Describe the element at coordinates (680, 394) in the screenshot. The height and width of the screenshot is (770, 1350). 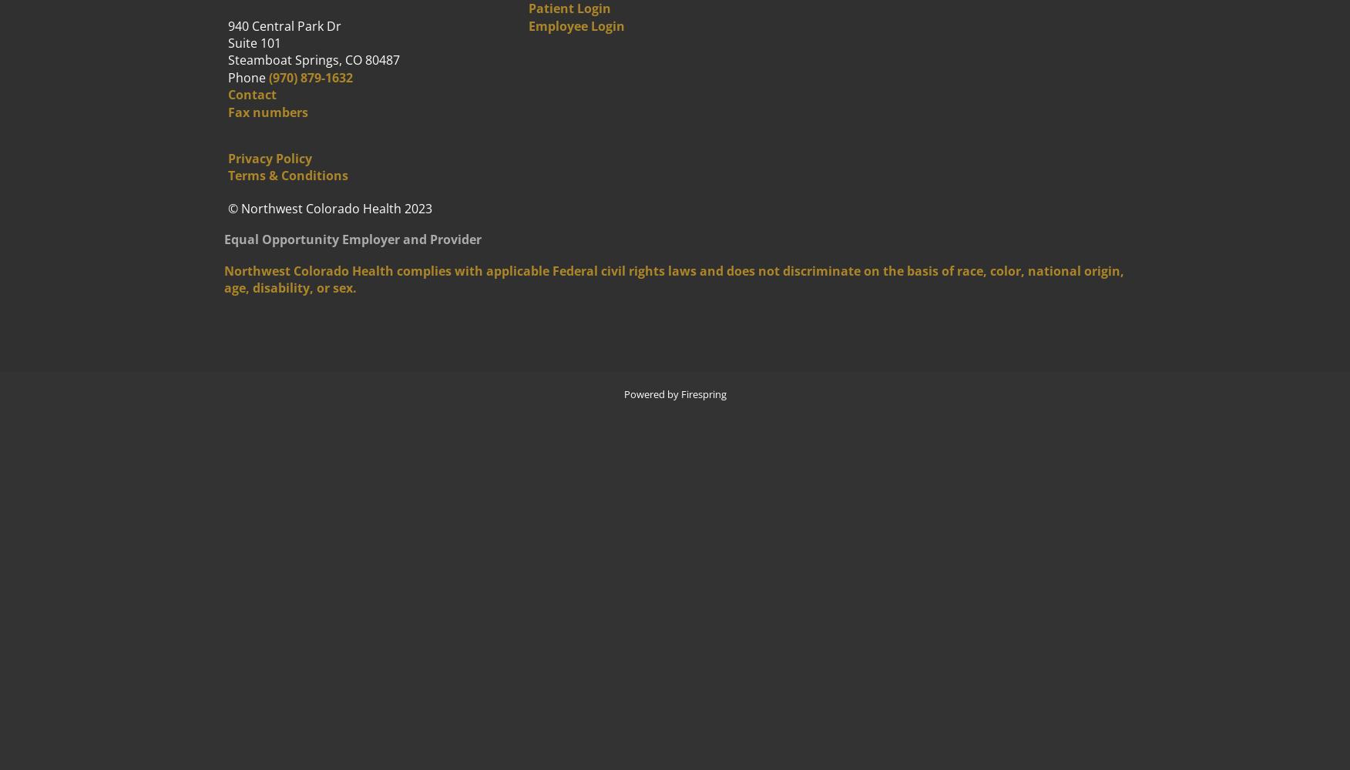
I see `'Firespring'` at that location.